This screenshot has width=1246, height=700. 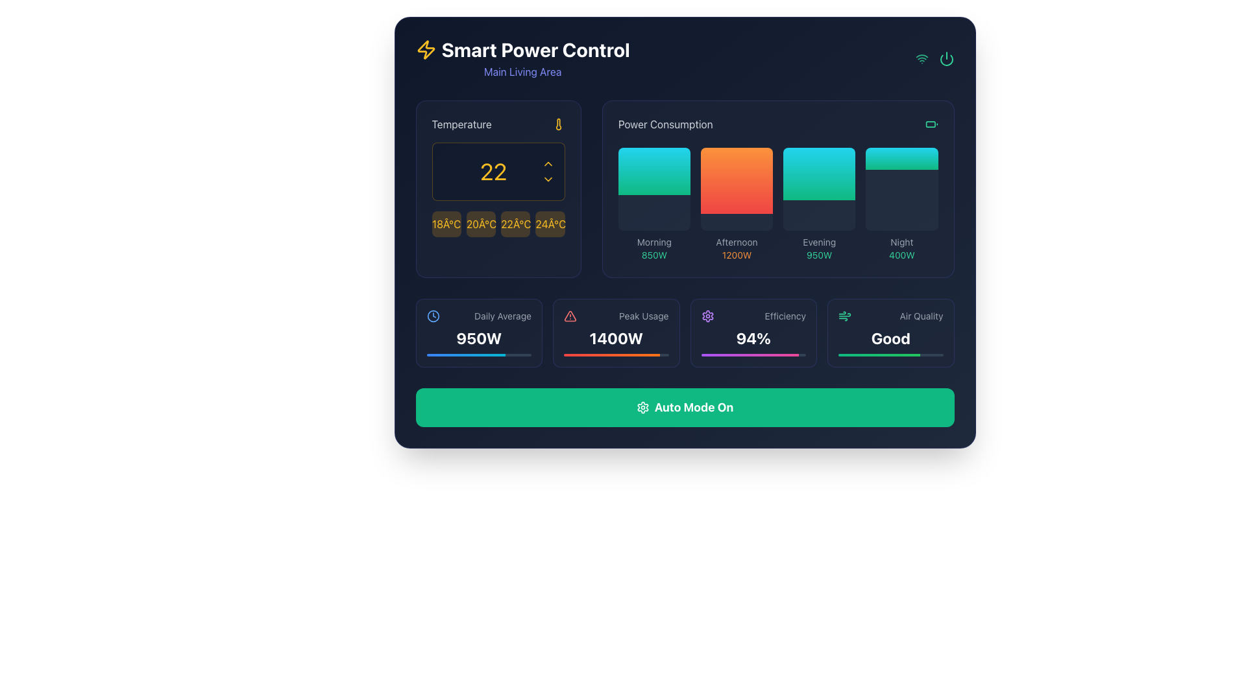 I want to click on the button for selecting 20°C in the Temperature section, which is the second button in a horizontal layout of temperature options, so click(x=480, y=224).